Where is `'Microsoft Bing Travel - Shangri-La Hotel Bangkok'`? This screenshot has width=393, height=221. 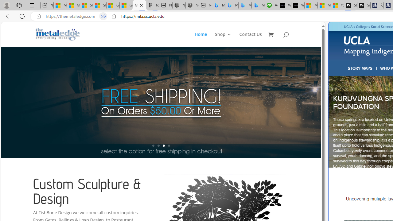
'Microsoft Bing Travel - Shangri-La Hotel Bangkok' is located at coordinates (258, 5).